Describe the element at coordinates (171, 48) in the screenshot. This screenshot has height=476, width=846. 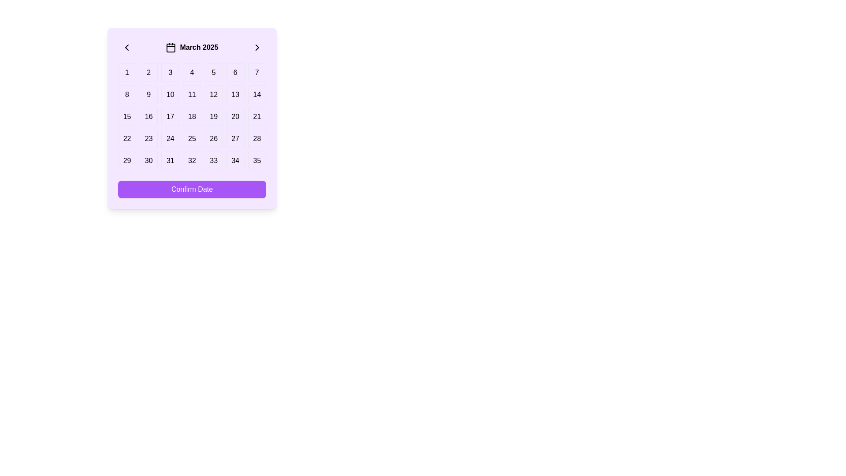
I see `the center of the calendar icon located in the header section of the date picker panel, preceding the text 'March 2025'` at that location.